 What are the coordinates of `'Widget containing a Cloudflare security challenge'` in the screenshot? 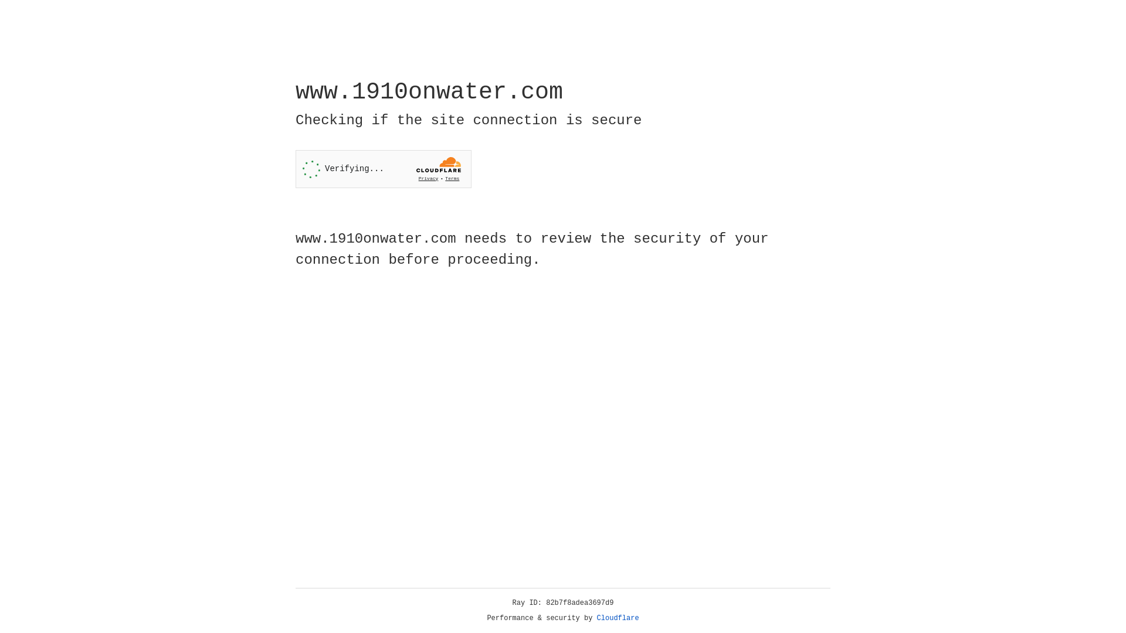 It's located at (383, 169).